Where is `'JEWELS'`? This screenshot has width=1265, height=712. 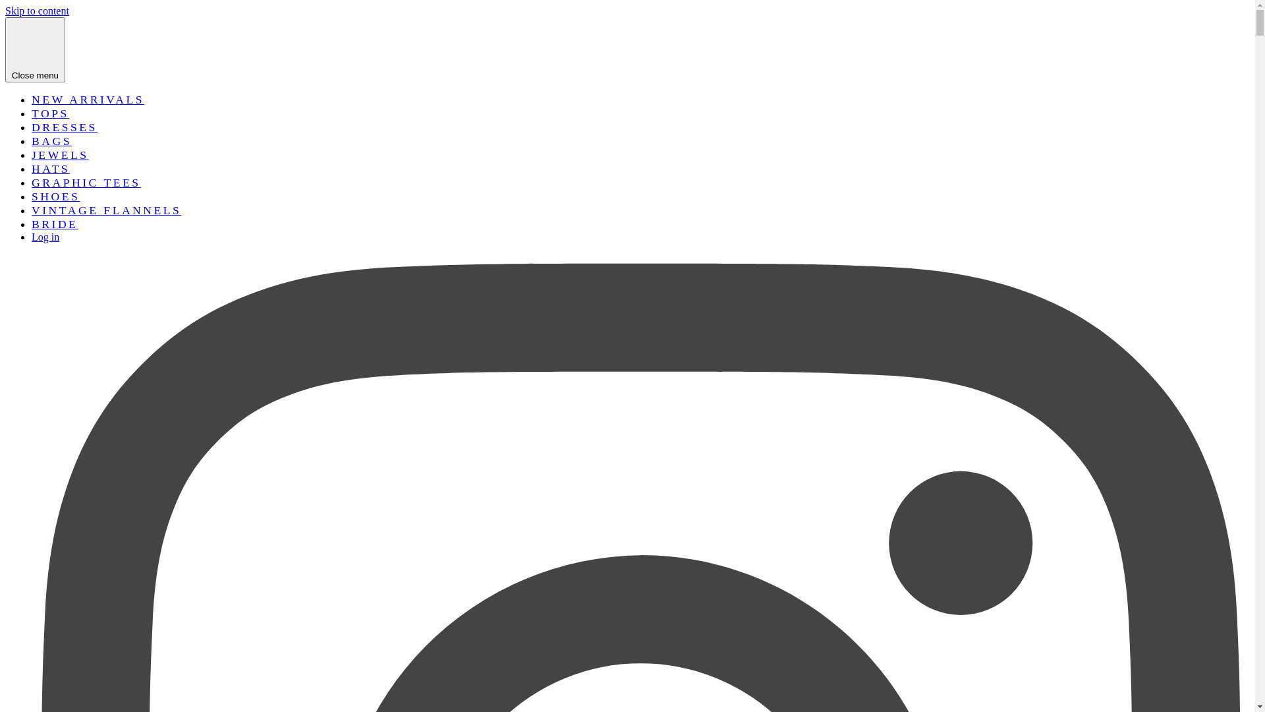
'JEWELS' is located at coordinates (59, 154).